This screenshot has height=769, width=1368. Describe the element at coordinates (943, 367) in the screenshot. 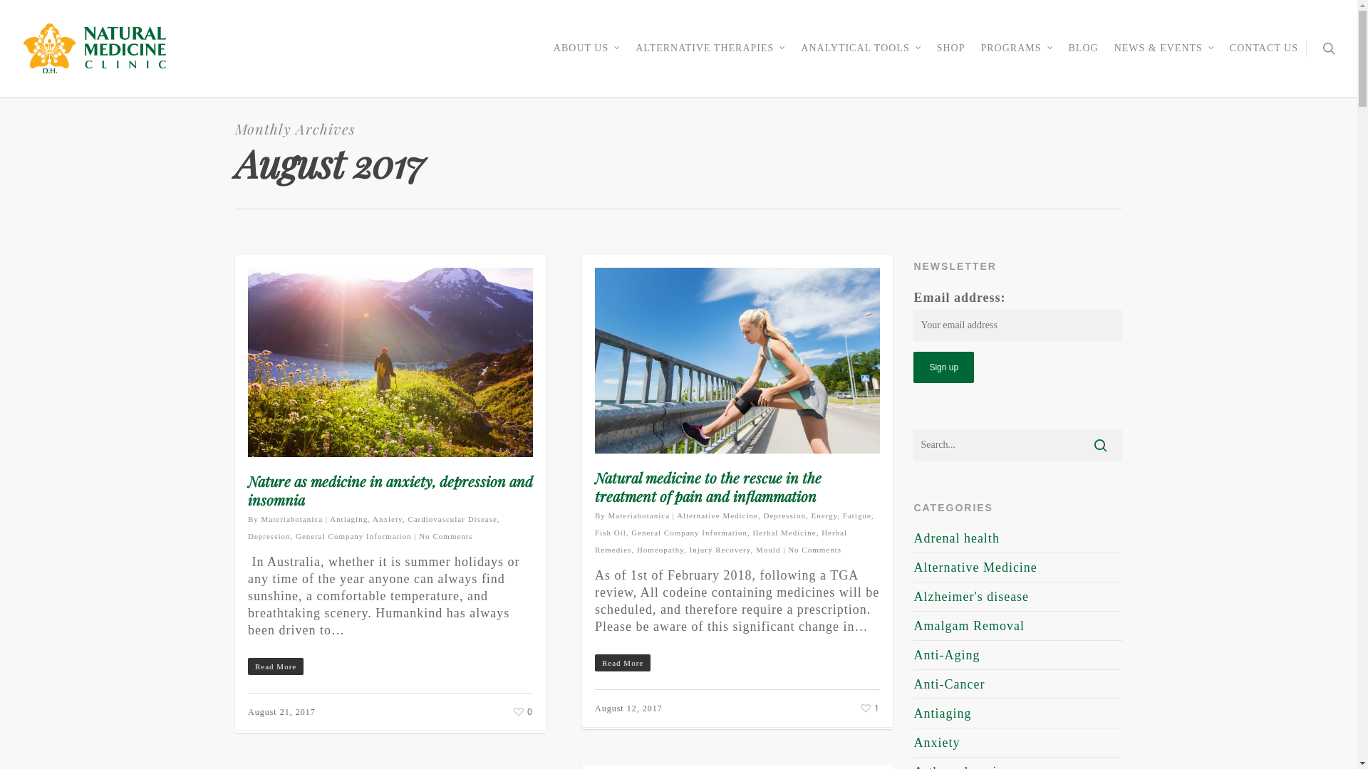

I see `'Sign up'` at that location.